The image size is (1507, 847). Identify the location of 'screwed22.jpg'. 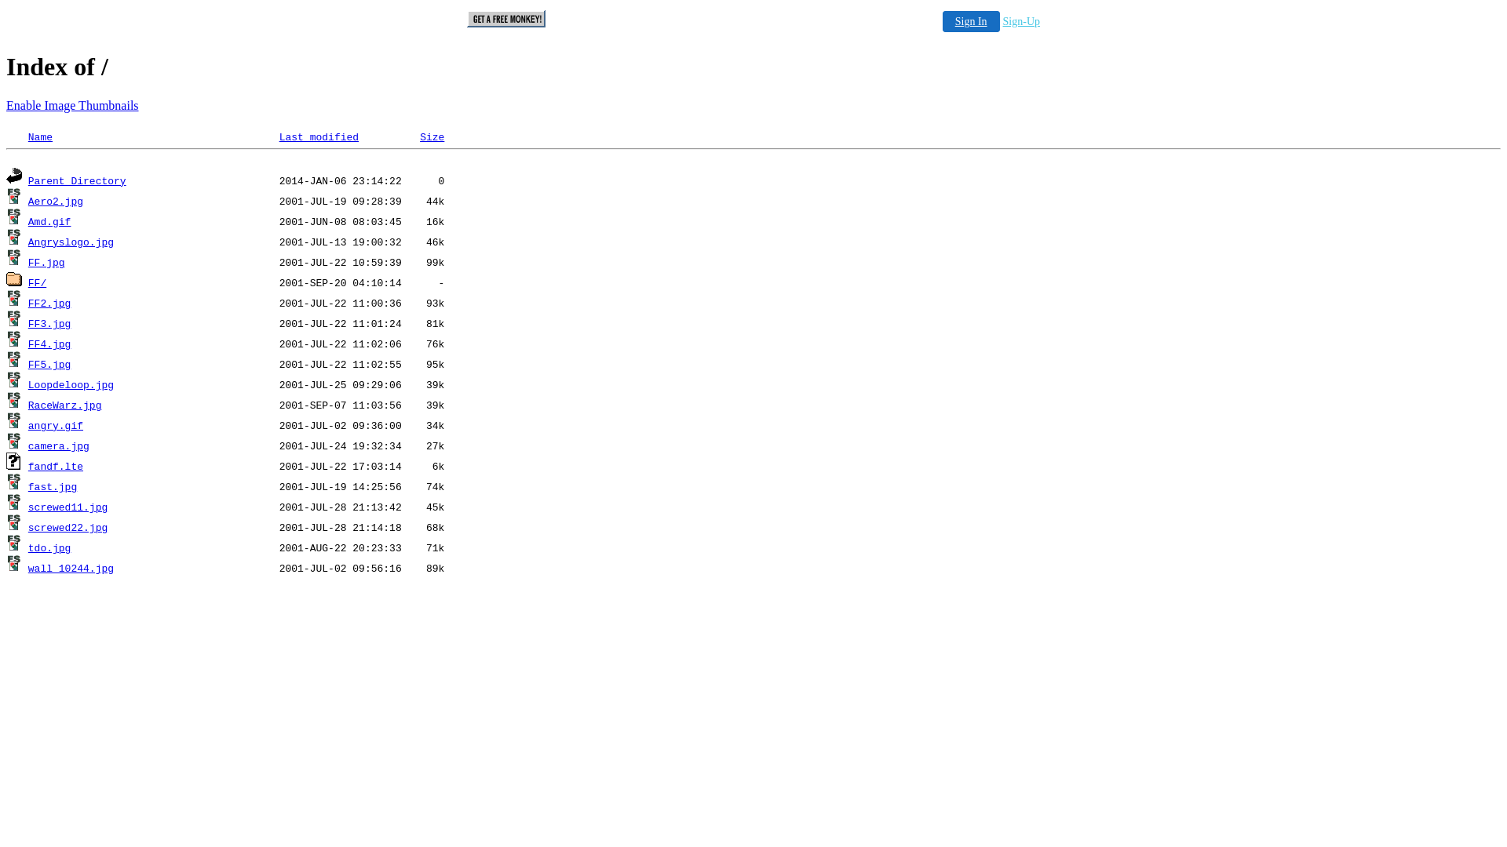
(67, 528).